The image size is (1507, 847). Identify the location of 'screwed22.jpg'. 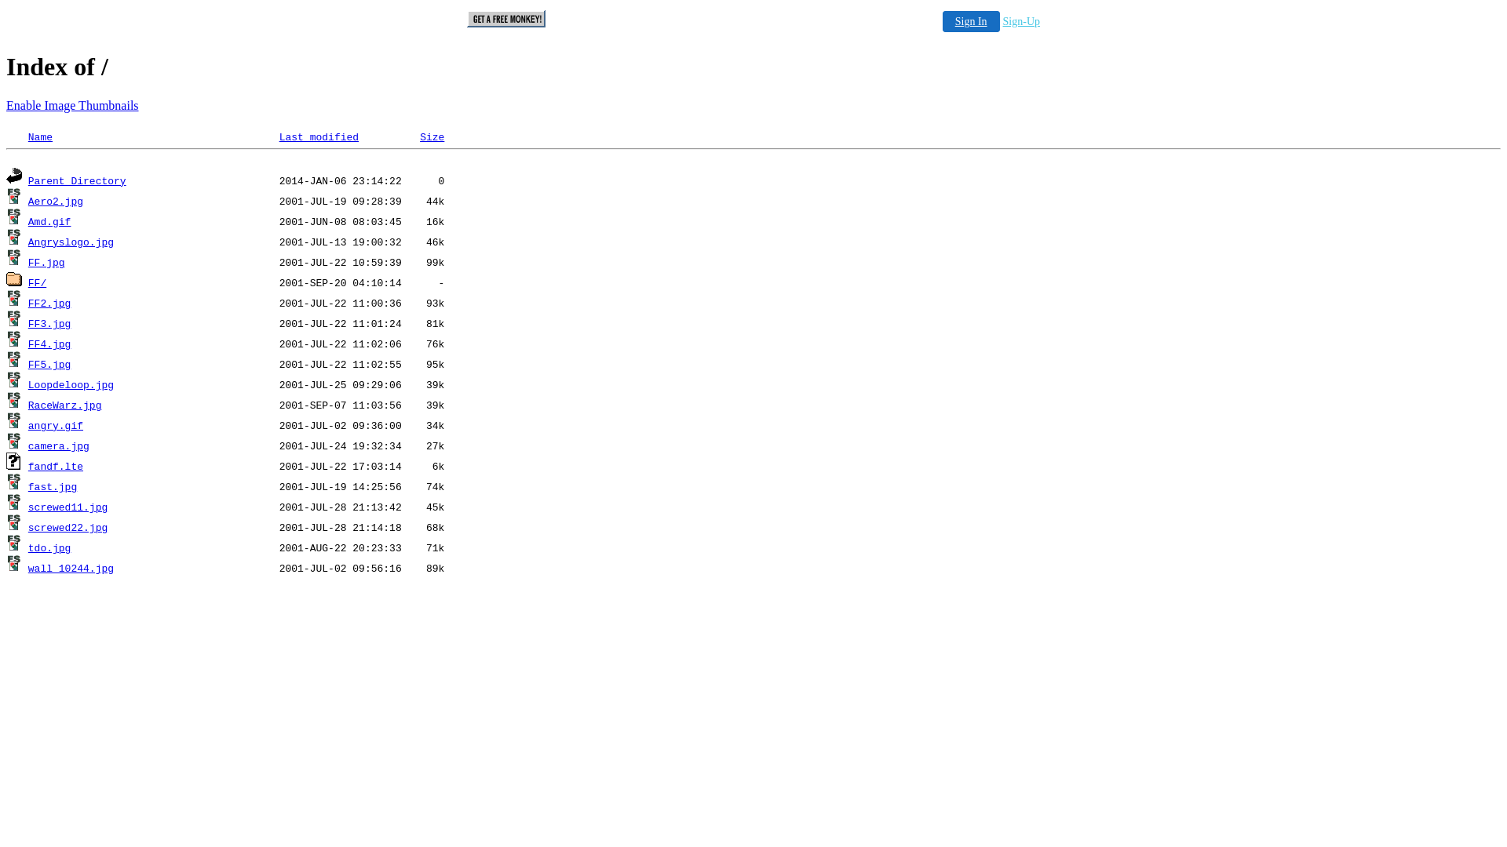
(67, 528).